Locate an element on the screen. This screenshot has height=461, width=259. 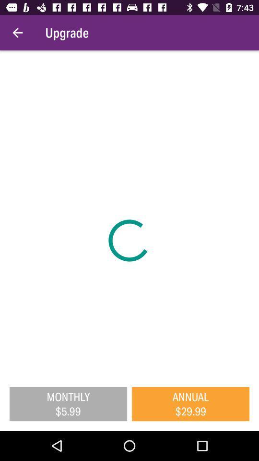
item to the right of the monthly is located at coordinates (190, 403).